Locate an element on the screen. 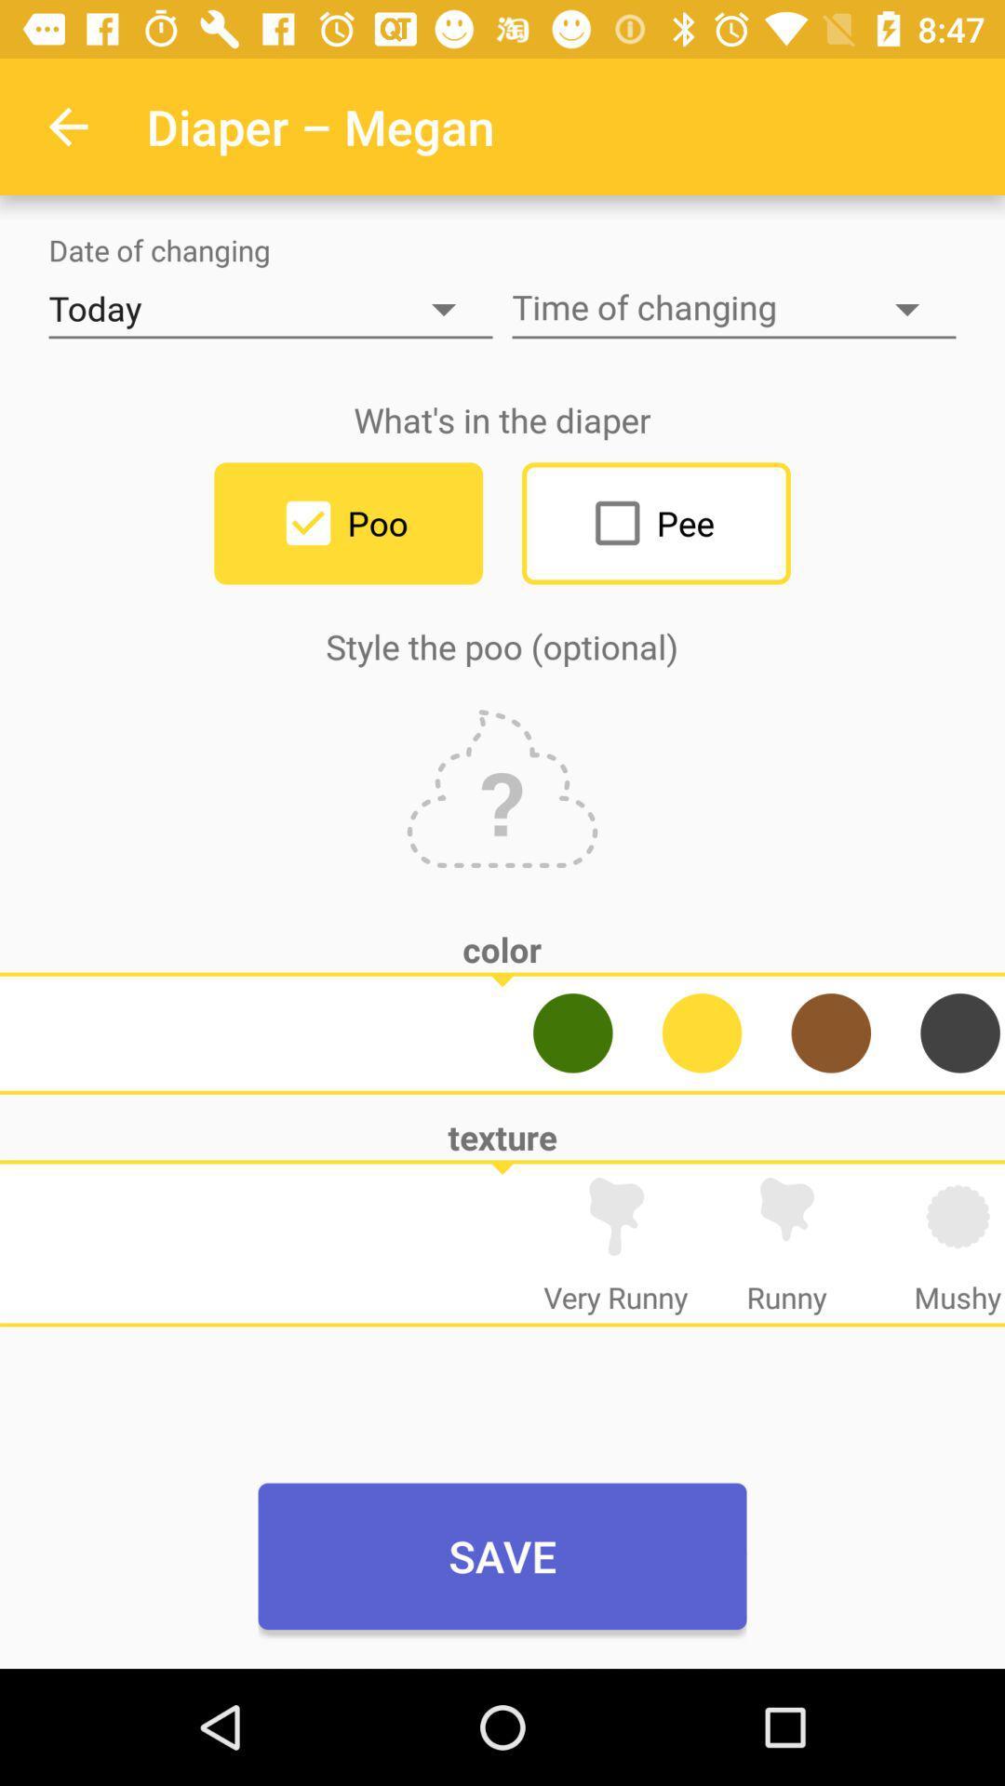 The height and width of the screenshot is (1786, 1005). color green is located at coordinates (571, 1032).